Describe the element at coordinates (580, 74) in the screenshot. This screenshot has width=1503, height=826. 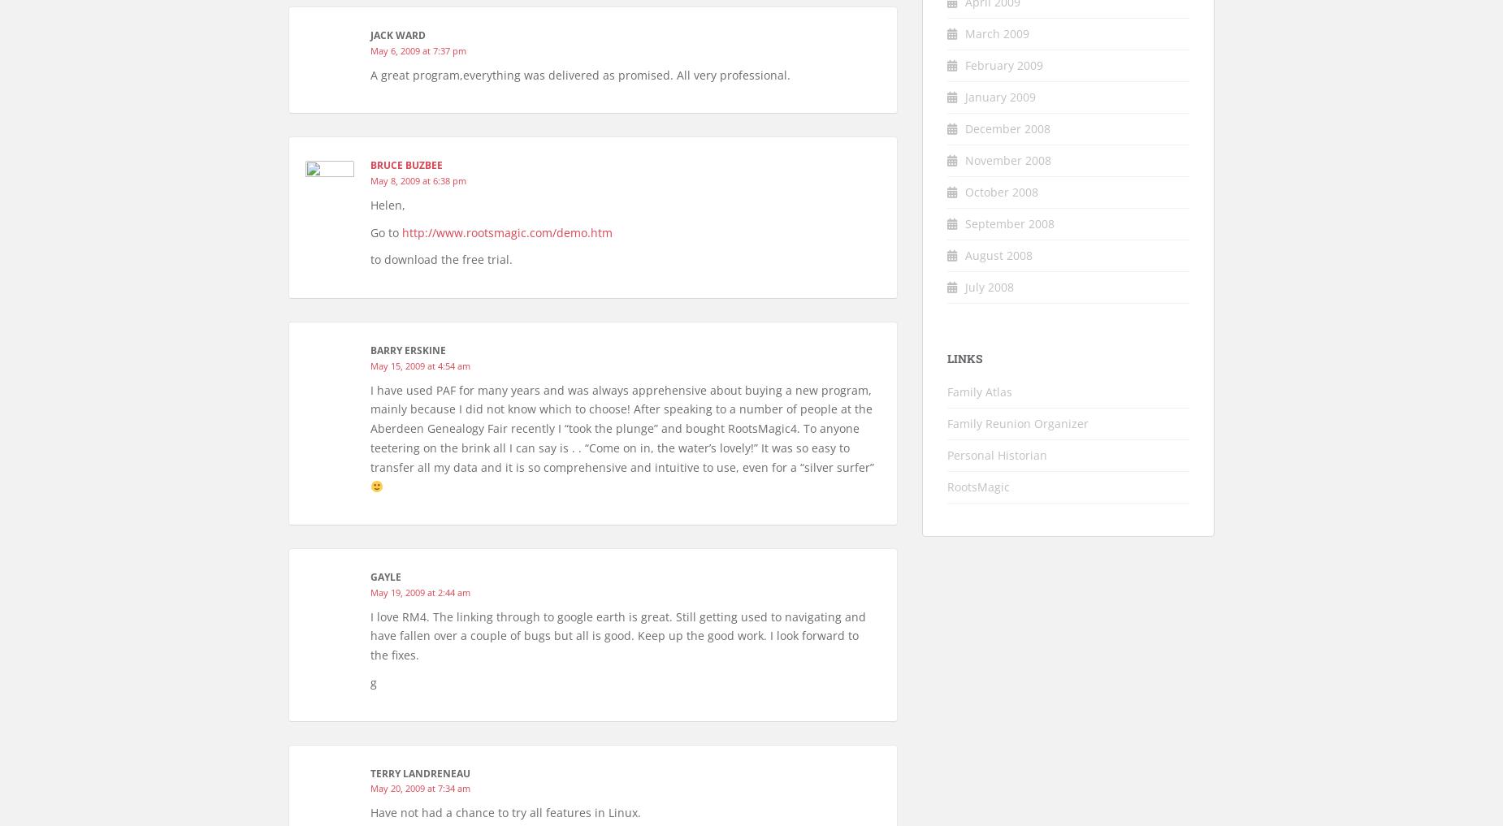
I see `'A great program,everything was delivered as promised. All very professional.'` at that location.